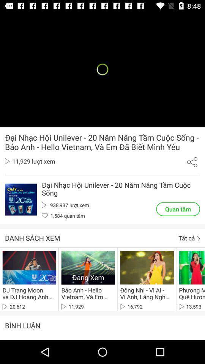 This screenshot has height=364, width=205. What do you see at coordinates (192, 162) in the screenshot?
I see `the button which is next to the 11929 lurot xem` at bounding box center [192, 162].